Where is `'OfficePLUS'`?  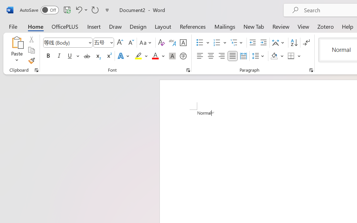
'OfficePLUS' is located at coordinates (65, 26).